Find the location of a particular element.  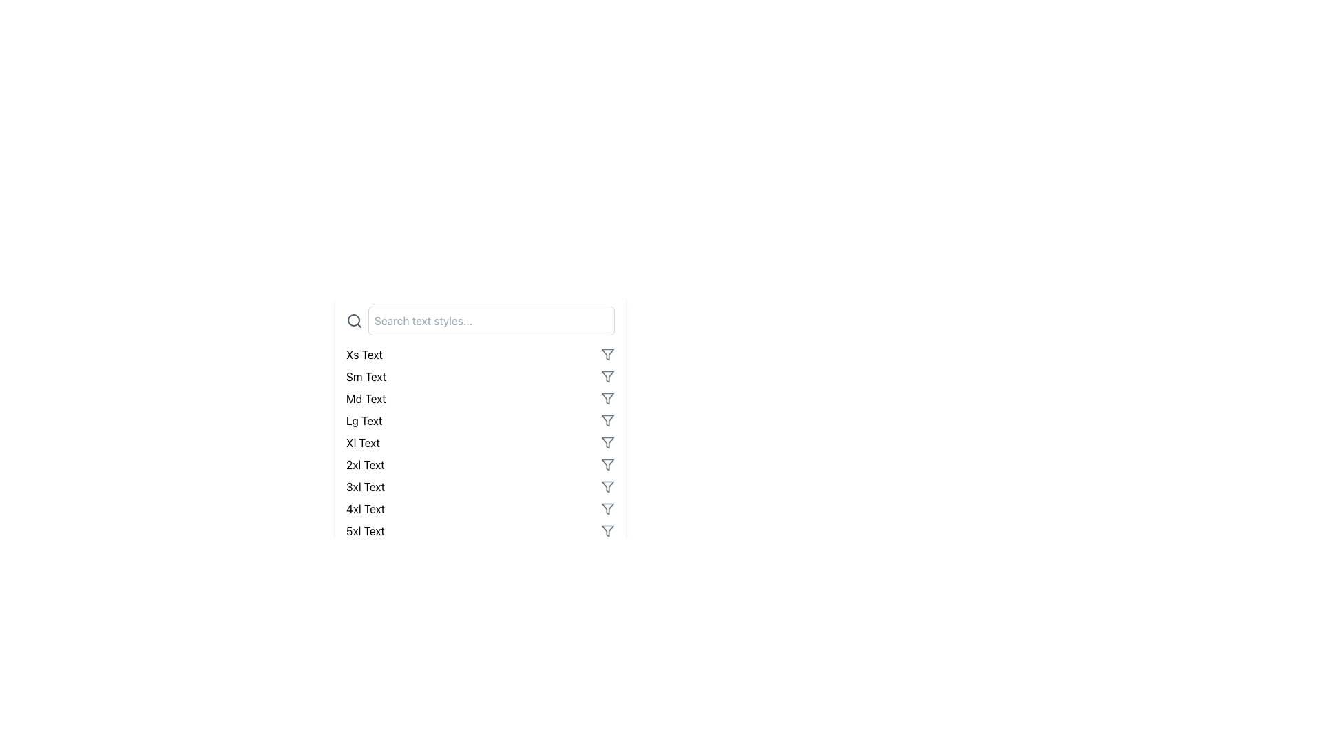

the 'xs Text' label is located at coordinates (364, 354).